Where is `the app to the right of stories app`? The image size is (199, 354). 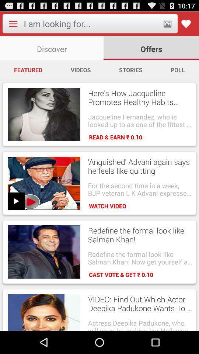 the app to the right of stories app is located at coordinates (177, 70).